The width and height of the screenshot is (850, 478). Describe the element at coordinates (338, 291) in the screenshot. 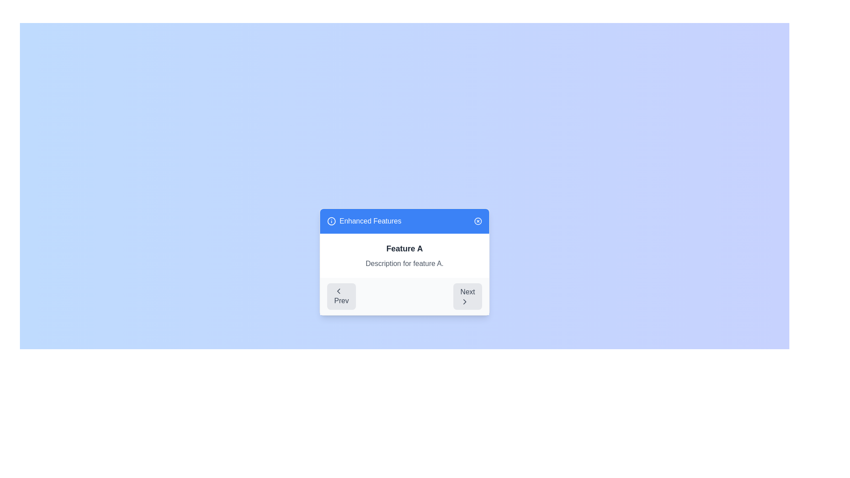

I see `the leftward-pointing chevron icon within the 'Prev' button located at the bottom-left segment of the card displaying 'Feature A'` at that location.